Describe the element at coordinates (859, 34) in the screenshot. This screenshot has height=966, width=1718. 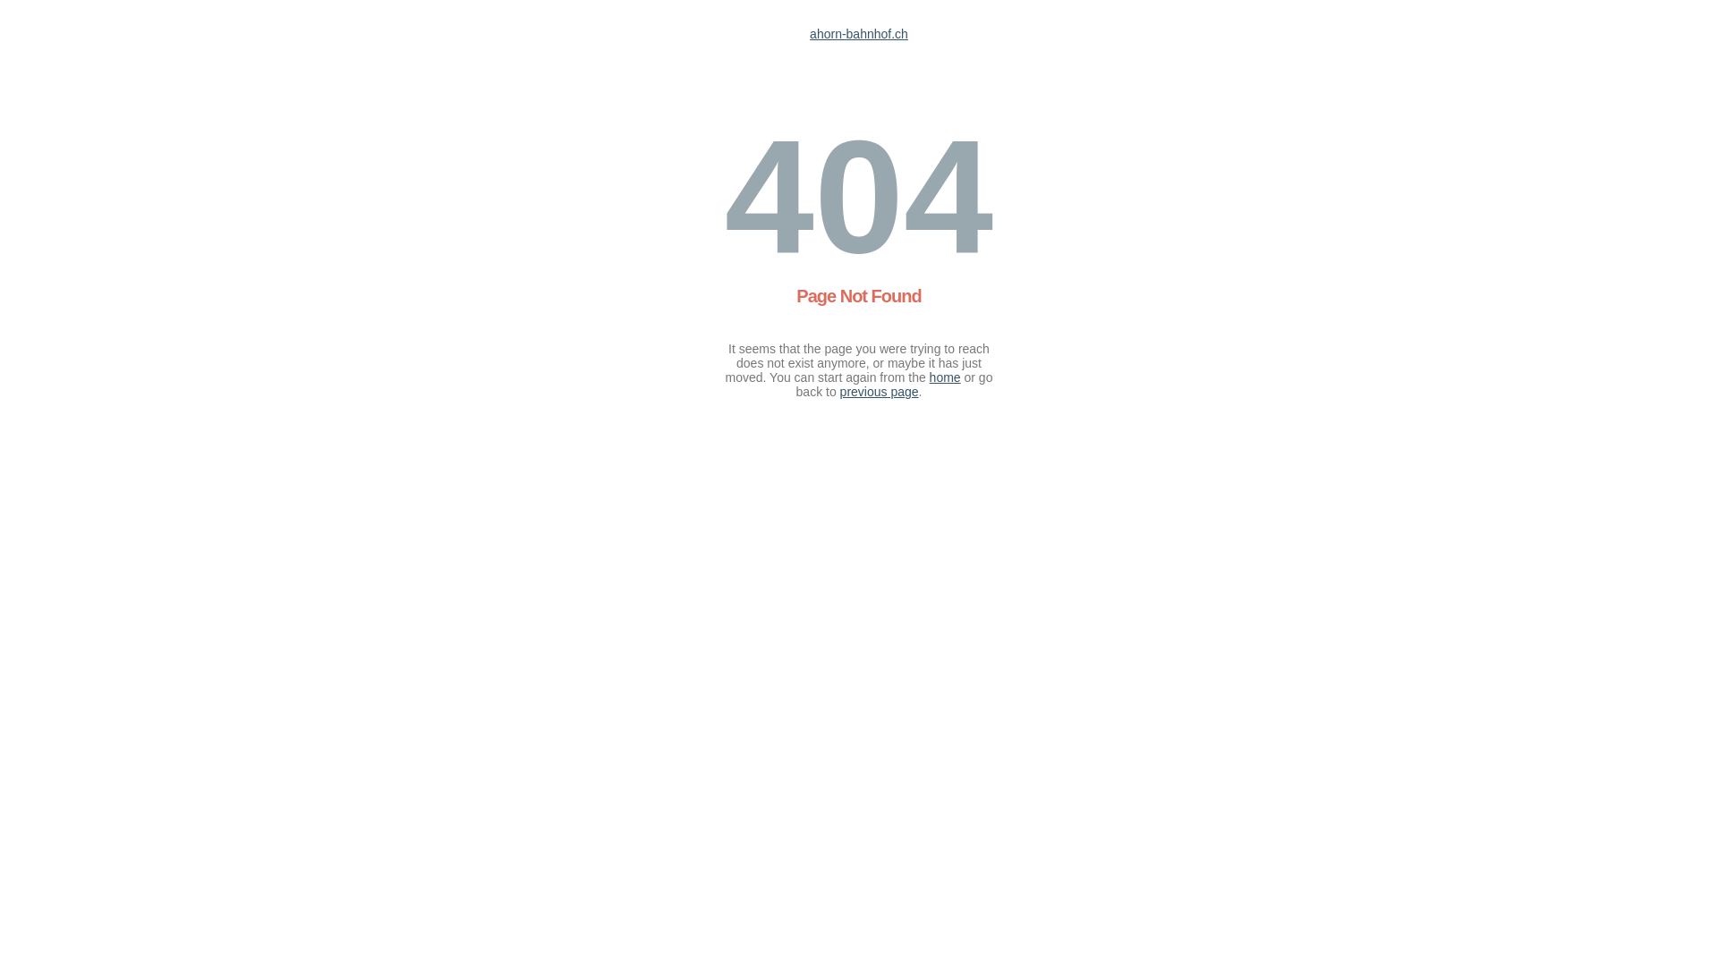
I see `'ahorn-bahnhof.ch'` at that location.